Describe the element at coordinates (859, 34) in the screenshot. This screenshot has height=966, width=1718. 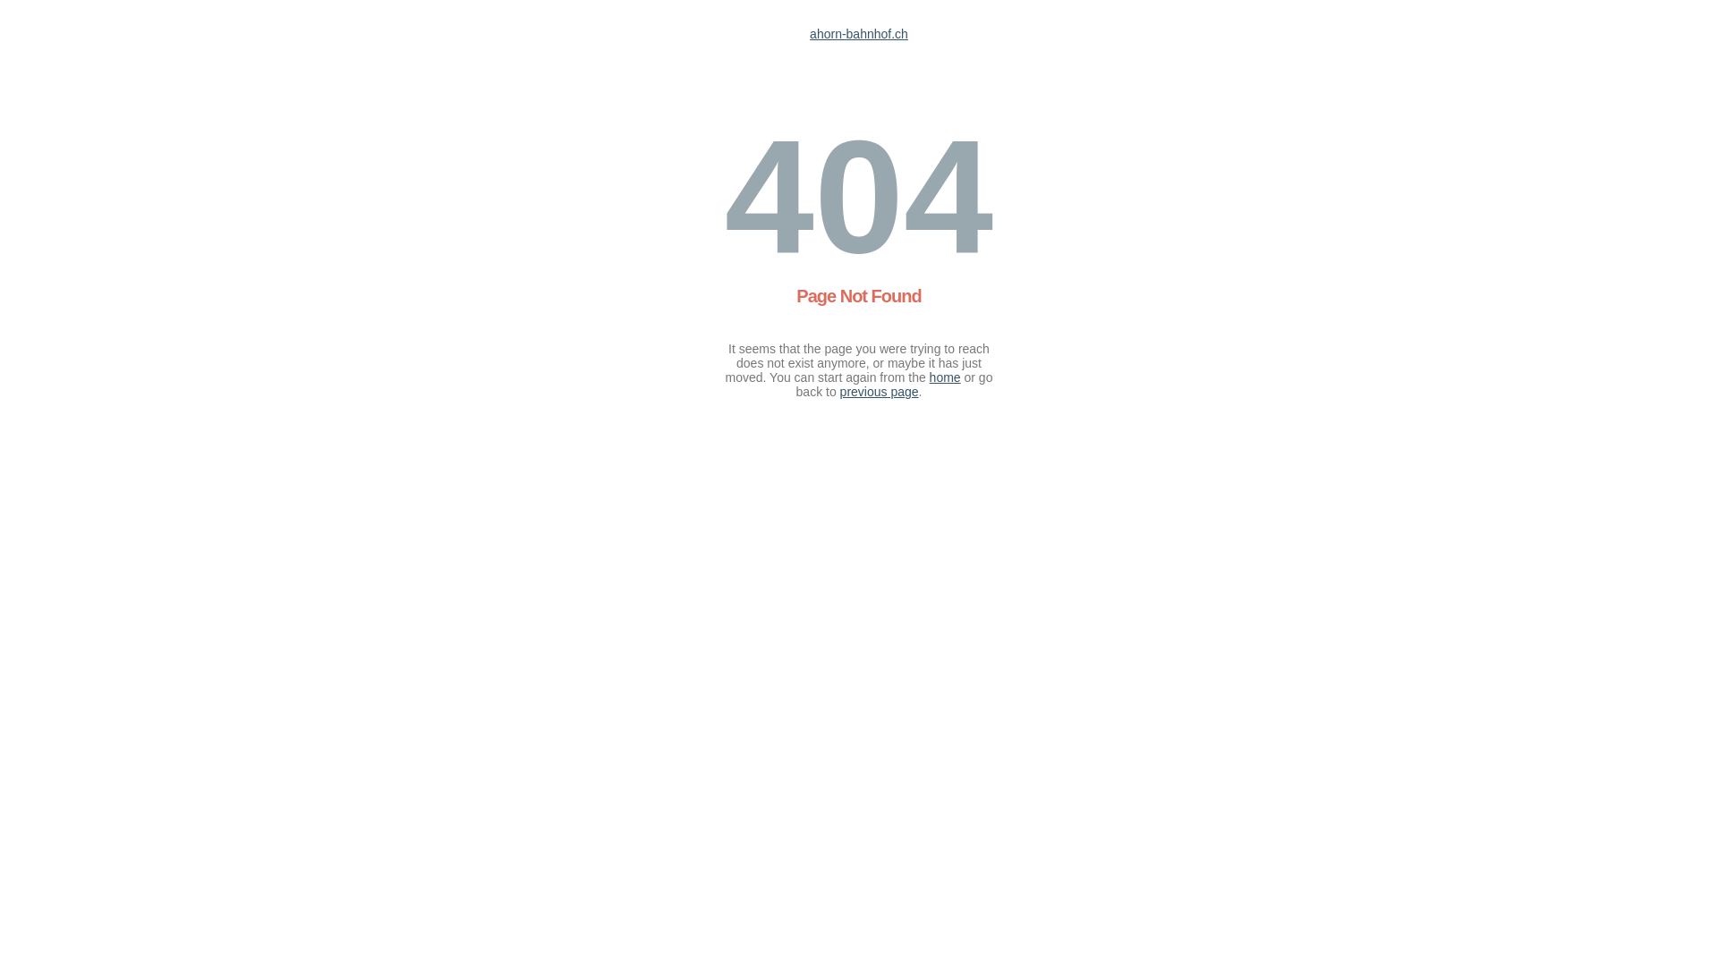
I see `'ahorn-bahnhof.ch'` at that location.